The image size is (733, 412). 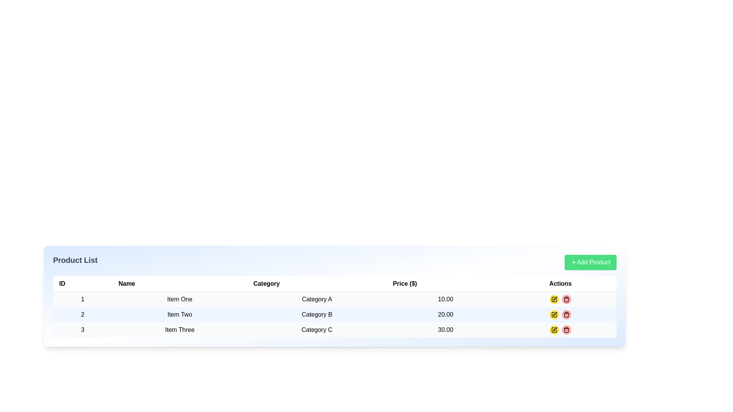 I want to click on the third row of the table that displays item details including ID, Name, Category, and Price, so click(x=335, y=329).